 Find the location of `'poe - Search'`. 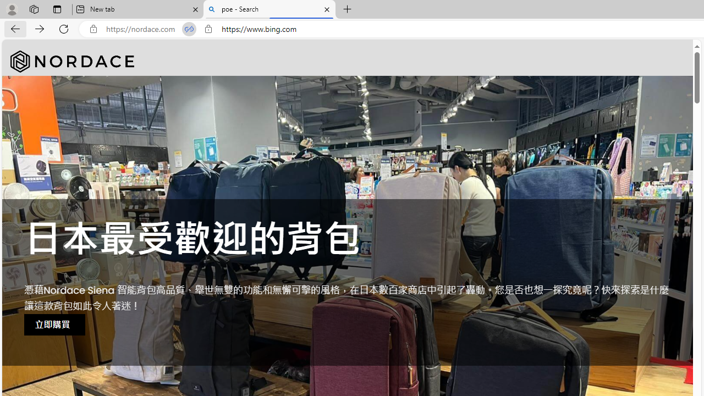

'poe - Search' is located at coordinates (269, 9).